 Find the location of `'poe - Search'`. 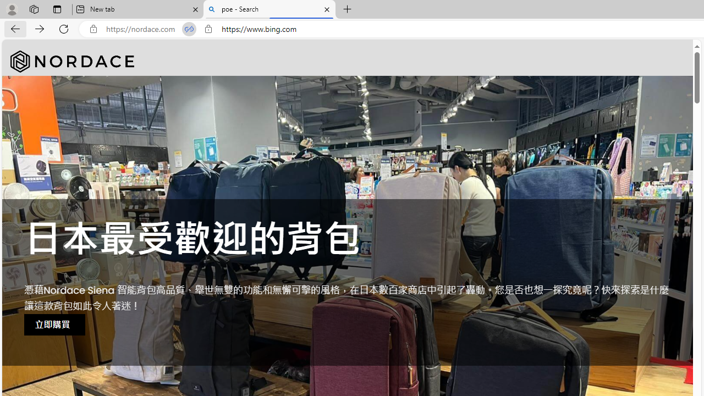

'poe - Search' is located at coordinates (269, 9).